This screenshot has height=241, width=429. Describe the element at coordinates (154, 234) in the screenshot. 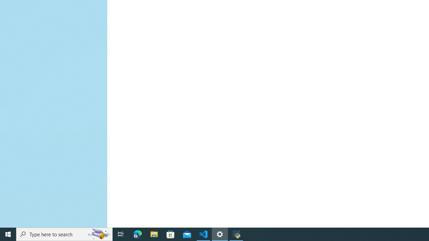

I see `'File Explorer'` at that location.